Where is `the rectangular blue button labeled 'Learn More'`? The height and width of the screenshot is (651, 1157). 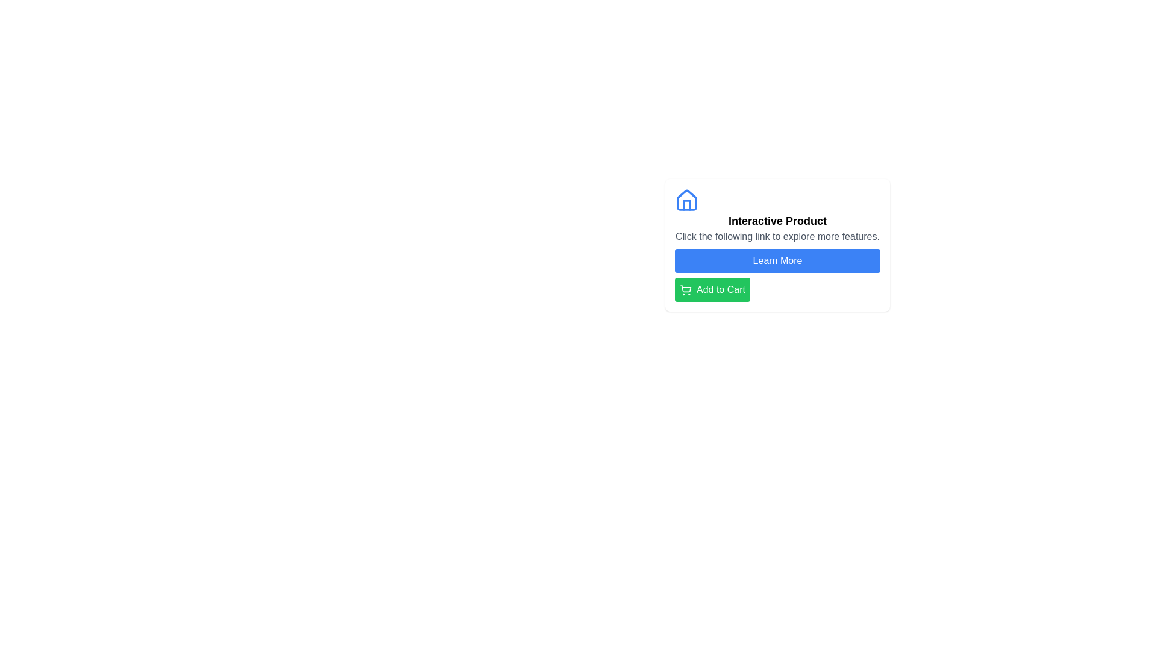 the rectangular blue button labeled 'Learn More' is located at coordinates (777, 260).